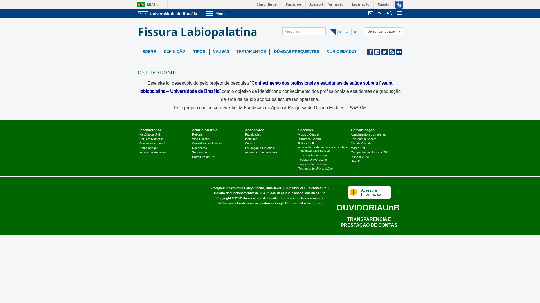 This screenshot has width=540, height=303. What do you see at coordinates (340, 32) in the screenshot?
I see `'A-'` at bounding box center [340, 32].